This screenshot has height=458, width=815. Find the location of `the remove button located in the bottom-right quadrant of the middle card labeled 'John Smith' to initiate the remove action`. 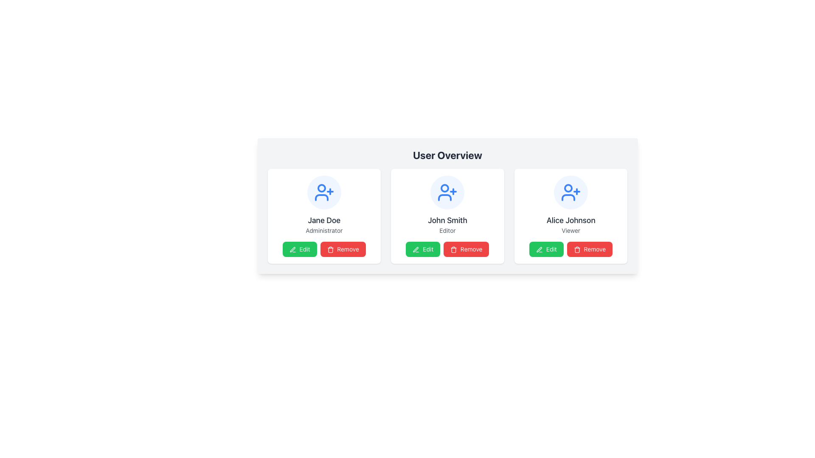

the remove button located in the bottom-right quadrant of the middle card labeled 'John Smith' to initiate the remove action is located at coordinates (466, 249).